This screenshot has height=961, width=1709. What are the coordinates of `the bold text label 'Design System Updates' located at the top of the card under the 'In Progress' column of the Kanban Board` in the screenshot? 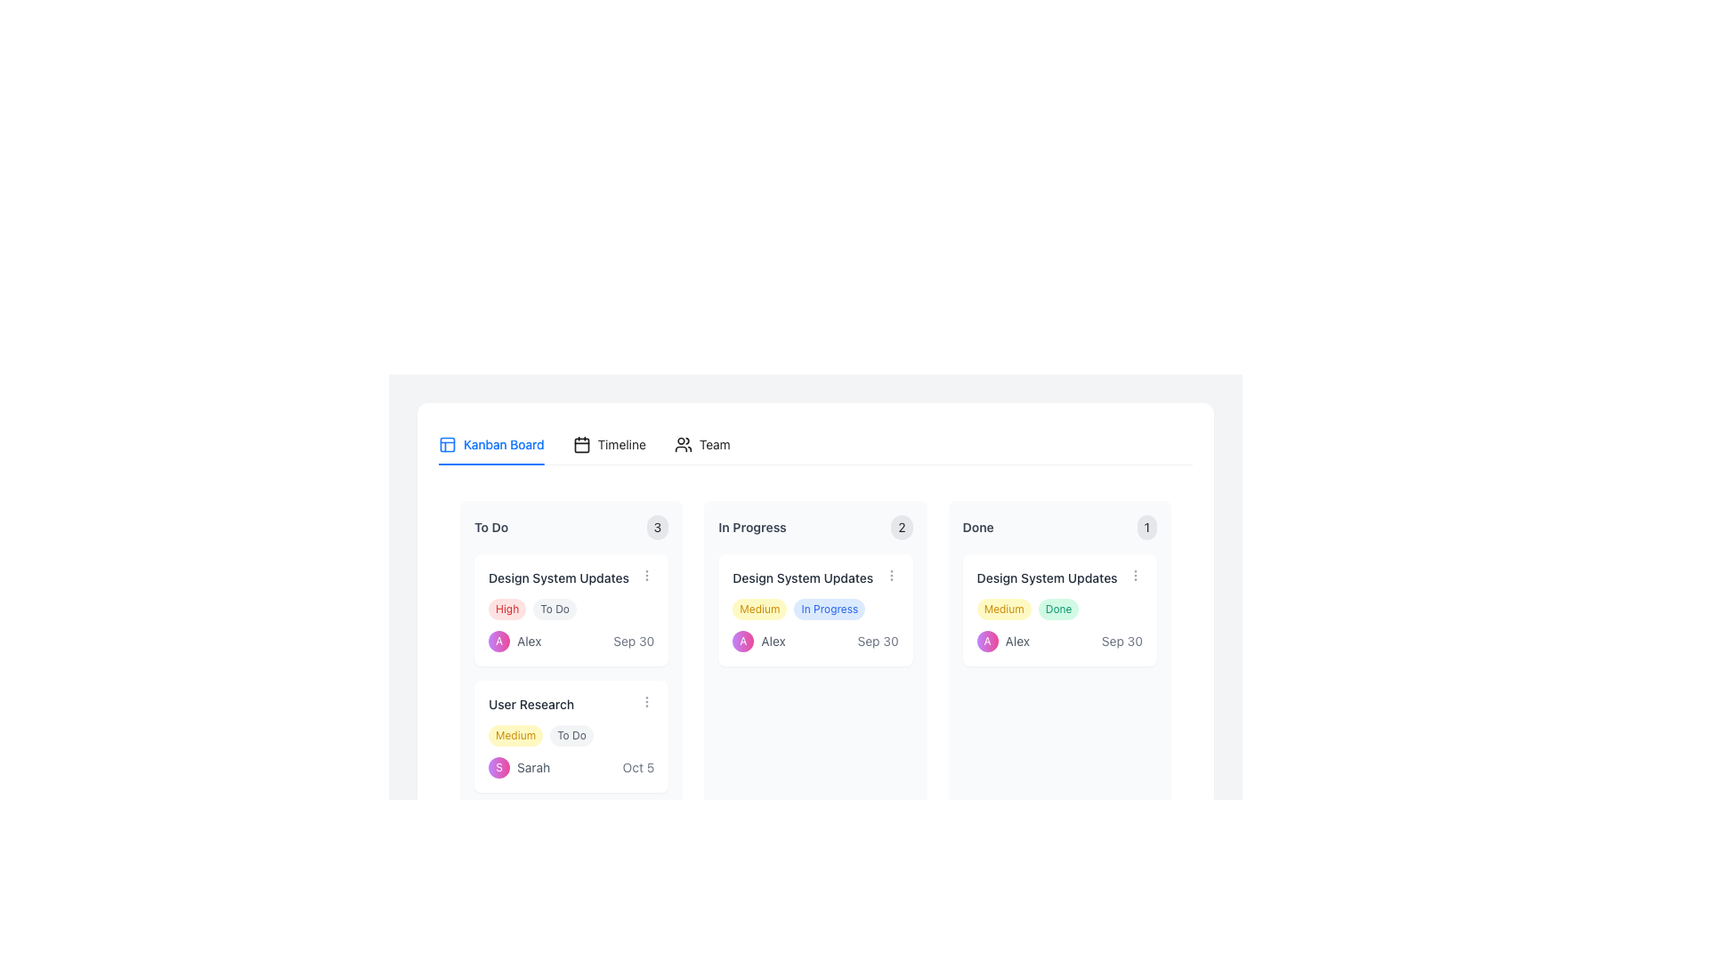 It's located at (814, 578).